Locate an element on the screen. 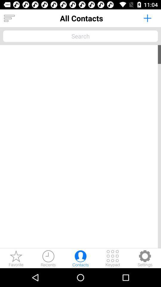 Image resolution: width=161 pixels, height=287 pixels. search bar is located at coordinates (80, 36).